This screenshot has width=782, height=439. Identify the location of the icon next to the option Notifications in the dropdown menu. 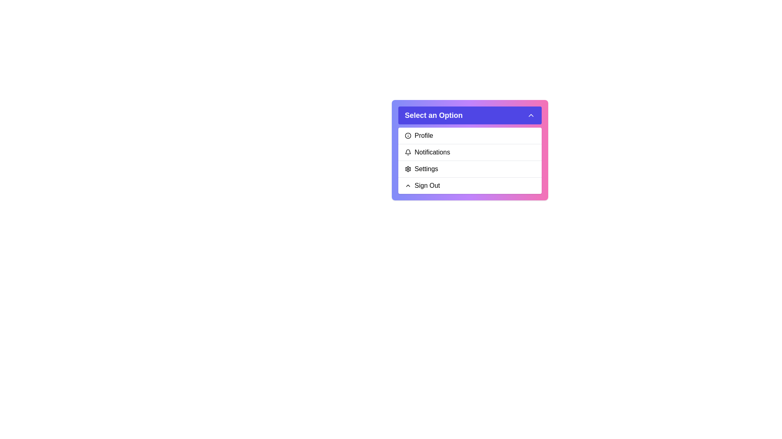
(408, 152).